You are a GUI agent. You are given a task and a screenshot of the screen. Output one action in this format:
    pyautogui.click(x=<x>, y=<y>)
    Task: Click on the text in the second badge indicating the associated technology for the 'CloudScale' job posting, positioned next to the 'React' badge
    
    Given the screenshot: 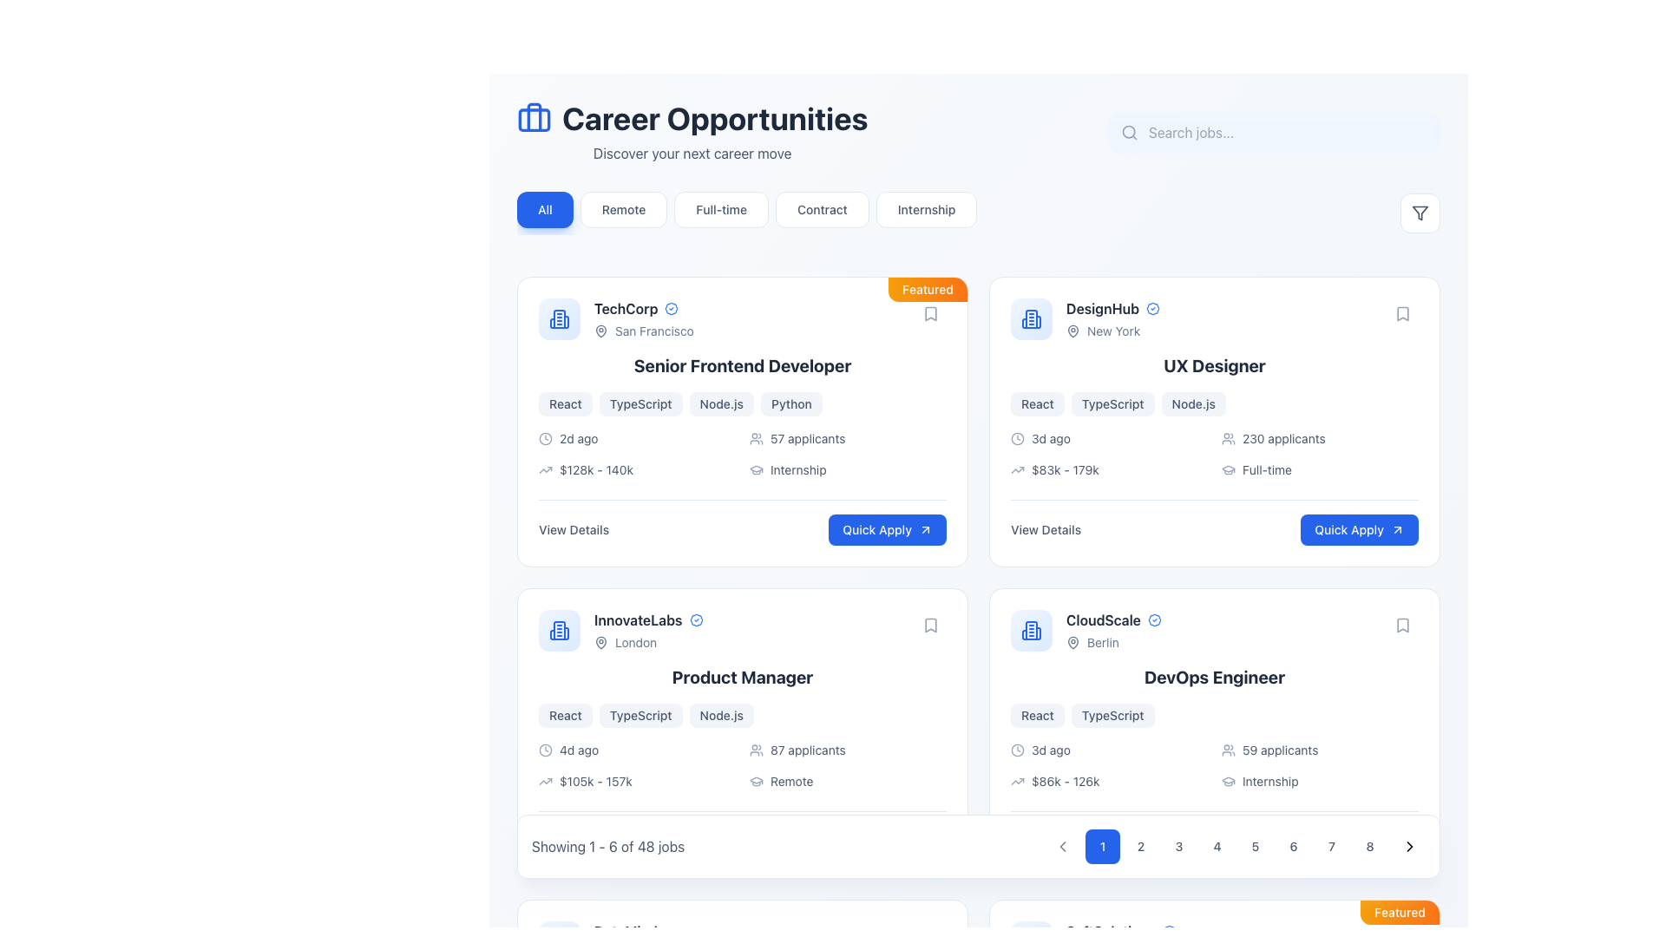 What is the action you would take?
    pyautogui.click(x=1112, y=716)
    